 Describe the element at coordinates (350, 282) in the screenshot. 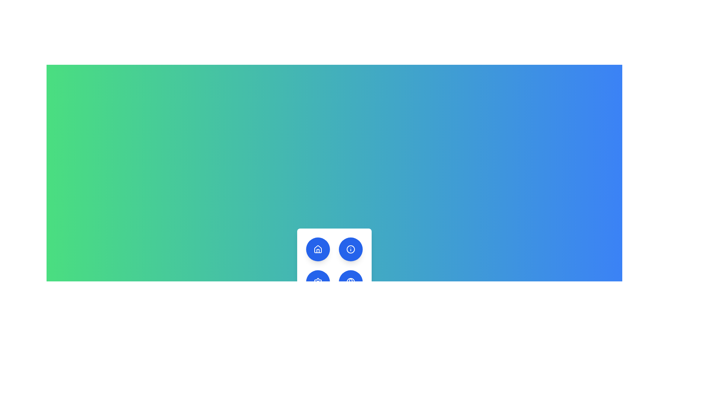

I see `the global settings button located in the bottom row, central column of the grid on the white panel` at that location.